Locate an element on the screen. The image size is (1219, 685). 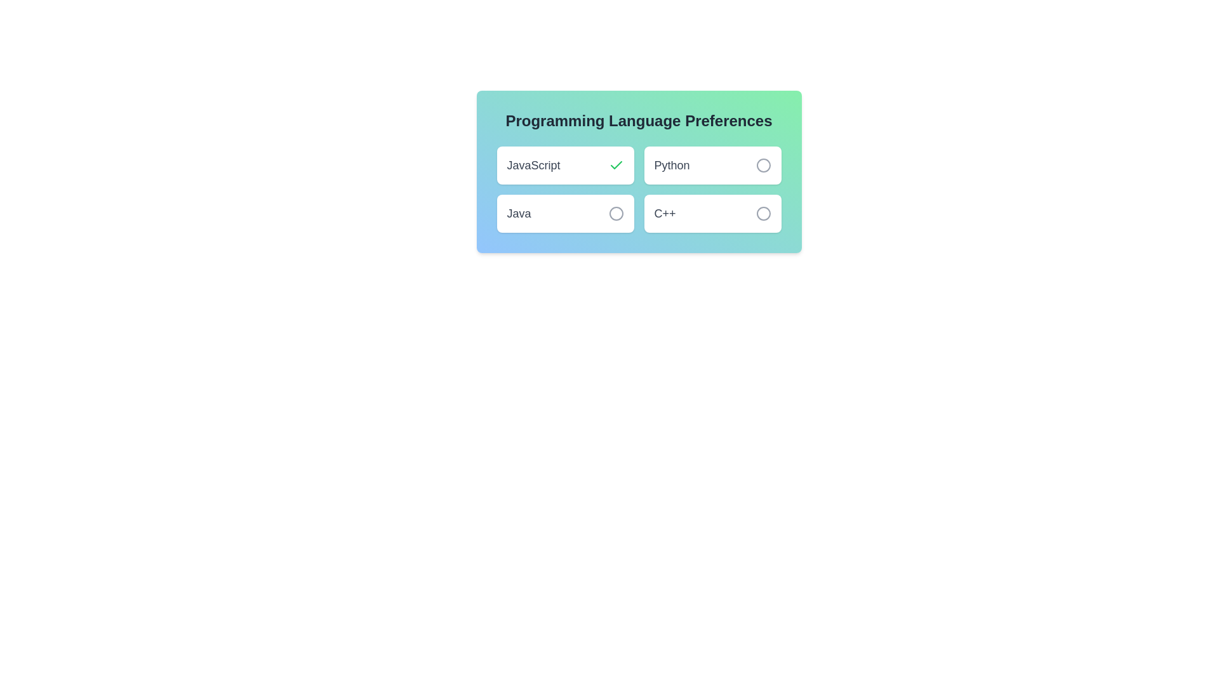
the language Java by clicking its associated button is located at coordinates (616, 212).